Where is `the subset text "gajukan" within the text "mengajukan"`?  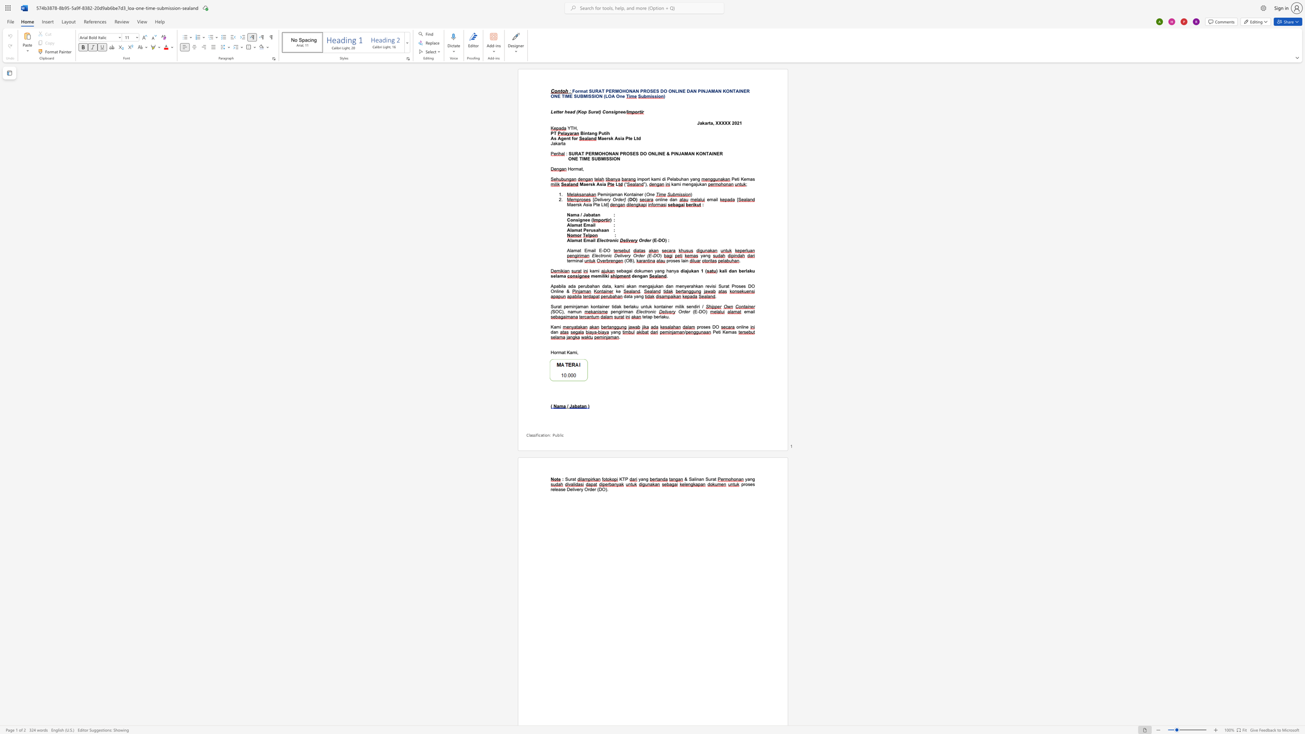 the subset text "gajukan" within the text "mengajukan" is located at coordinates (690, 183).